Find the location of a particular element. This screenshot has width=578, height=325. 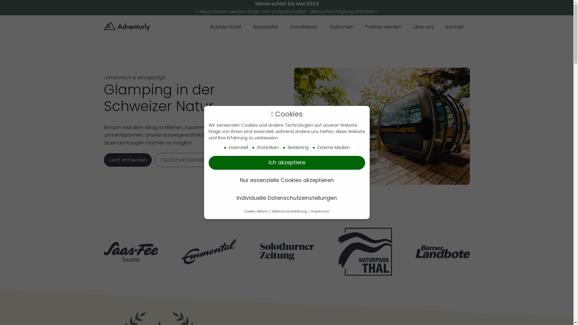

'Baumzelte' is located at coordinates (265, 27).